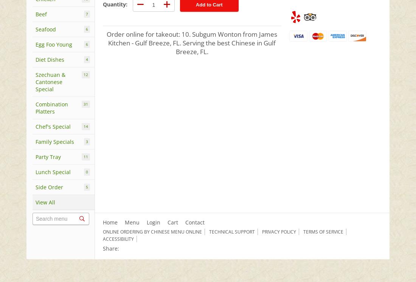 The height and width of the screenshot is (282, 416). Describe the element at coordinates (323, 232) in the screenshot. I see `'Terms of Service'` at that location.